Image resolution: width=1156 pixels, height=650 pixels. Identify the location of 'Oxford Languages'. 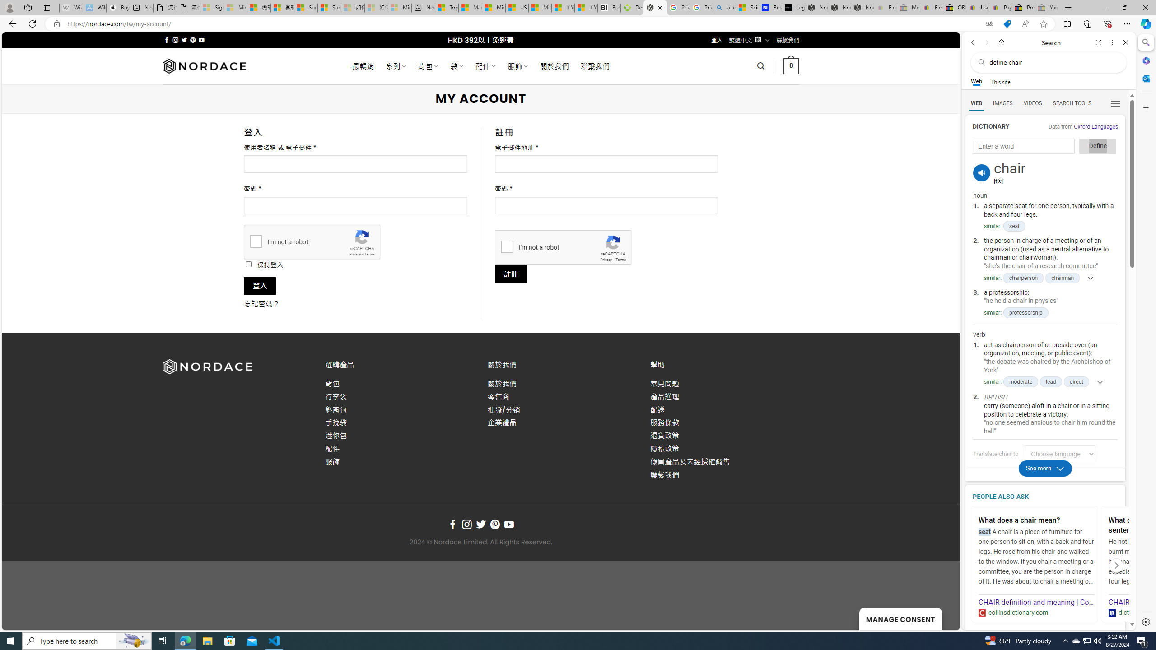
(1095, 126).